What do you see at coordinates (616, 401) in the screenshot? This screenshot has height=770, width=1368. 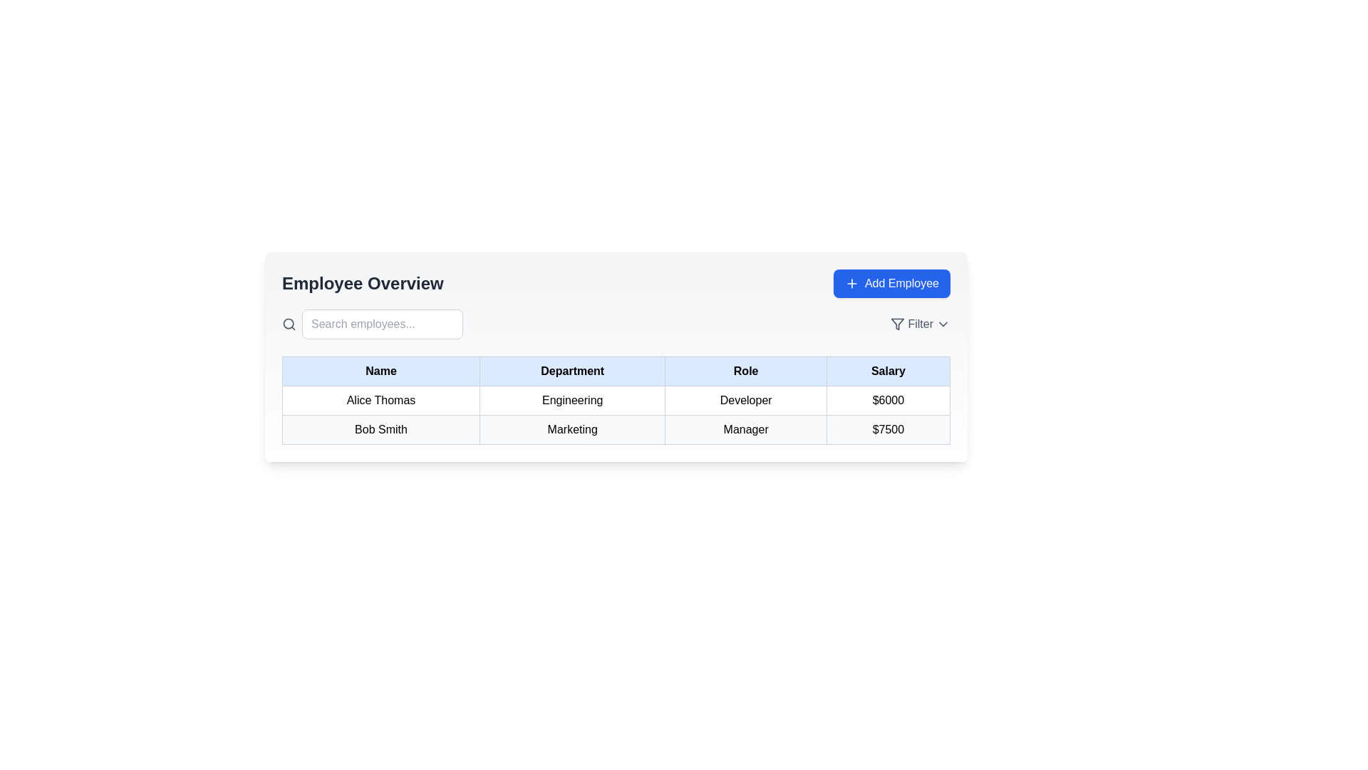 I see `the table displaying employee information` at bounding box center [616, 401].